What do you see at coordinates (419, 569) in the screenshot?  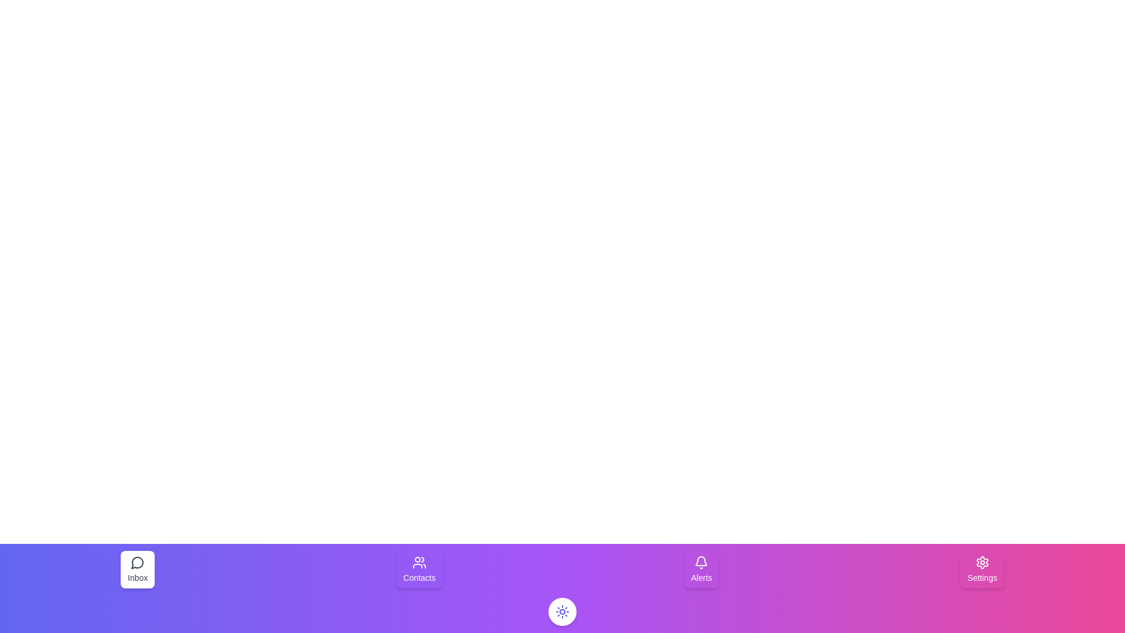 I see `the navigation item Contacts to select it` at bounding box center [419, 569].